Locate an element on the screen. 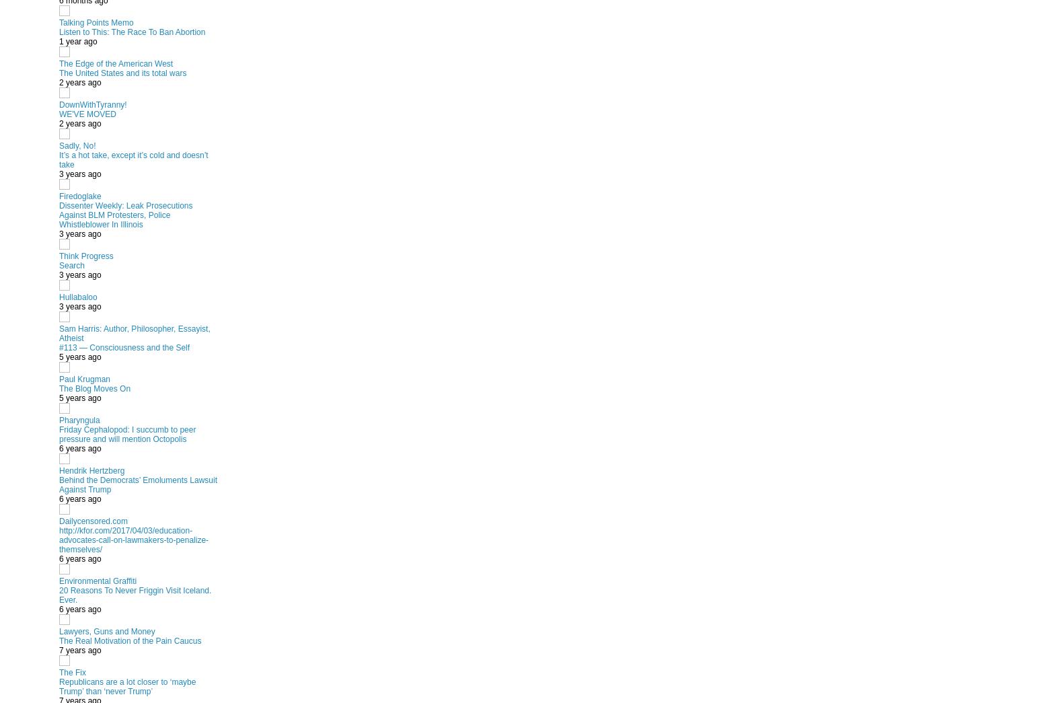 This screenshot has width=1048, height=703. 'Lawyers, Guns and Money' is located at coordinates (107, 630).